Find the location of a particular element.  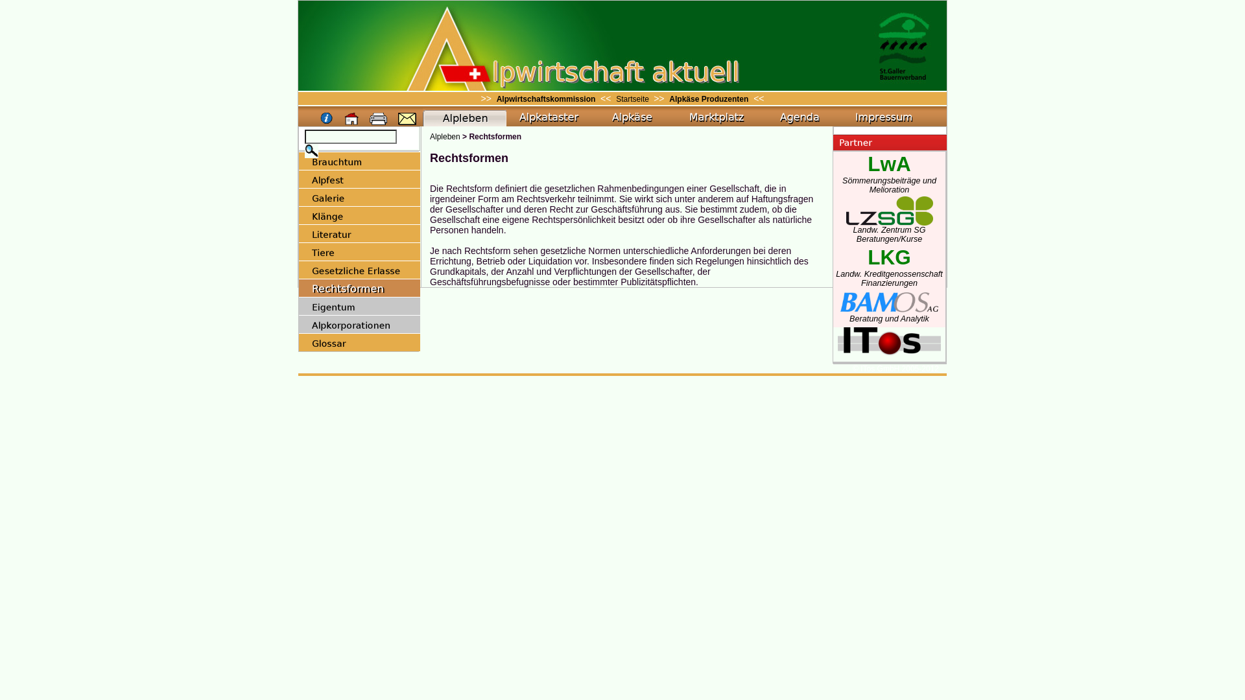

'Landw. Zentrum SG Beratungen/Kurse' is located at coordinates (888, 230).